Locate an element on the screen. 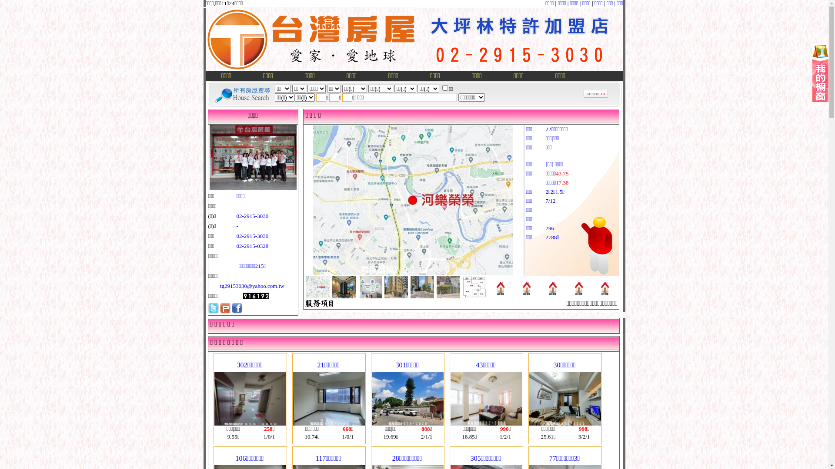 This screenshot has width=835, height=469. 'tg29153030@yahoo.com.tw' is located at coordinates (252, 286).